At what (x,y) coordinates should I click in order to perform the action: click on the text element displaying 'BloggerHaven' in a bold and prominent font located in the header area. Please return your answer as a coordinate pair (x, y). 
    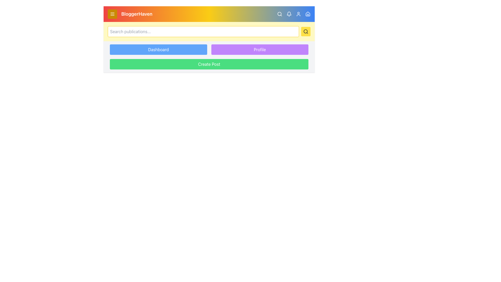
    Looking at the image, I should click on (137, 14).